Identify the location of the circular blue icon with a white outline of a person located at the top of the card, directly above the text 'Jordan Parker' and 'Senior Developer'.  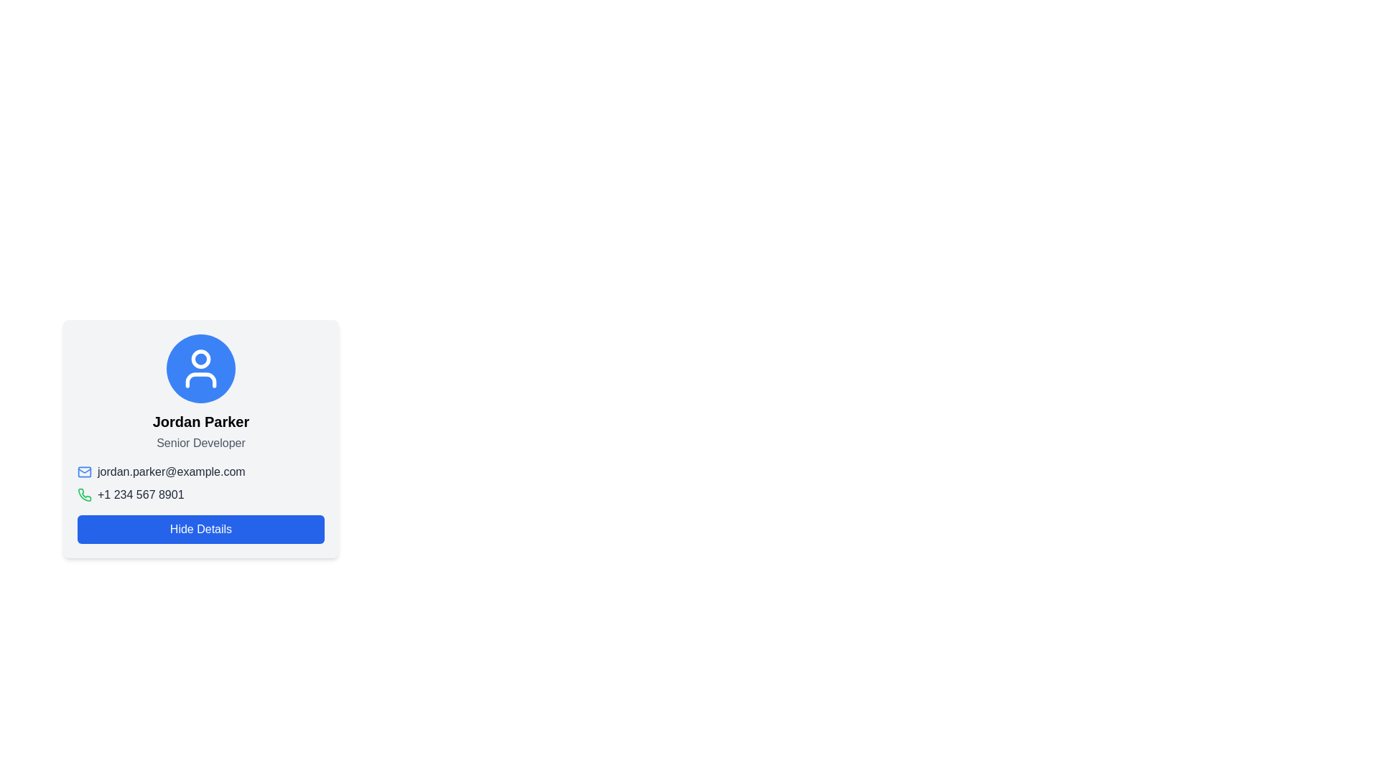
(200, 367).